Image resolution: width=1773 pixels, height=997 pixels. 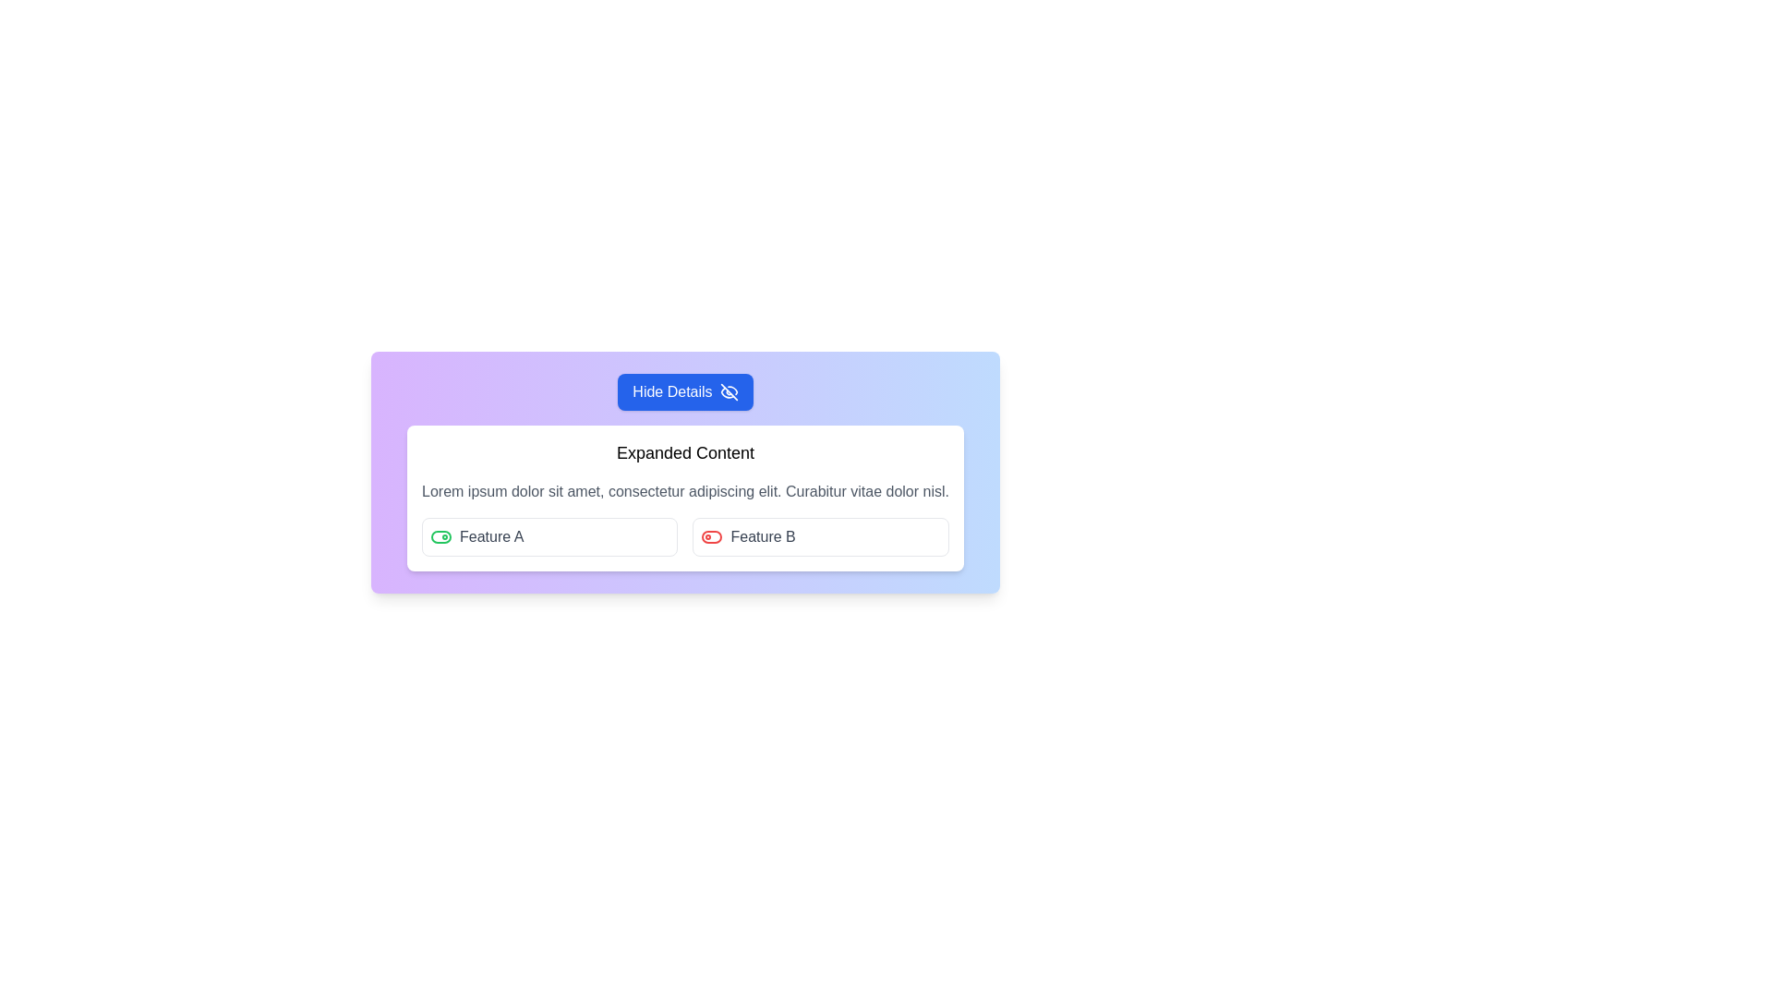 What do you see at coordinates (728, 390) in the screenshot?
I see `the visibility off icon, which resembles an eye with a diagonal line through it, located to the right of the text 'Hide Details' in a blue button` at bounding box center [728, 390].